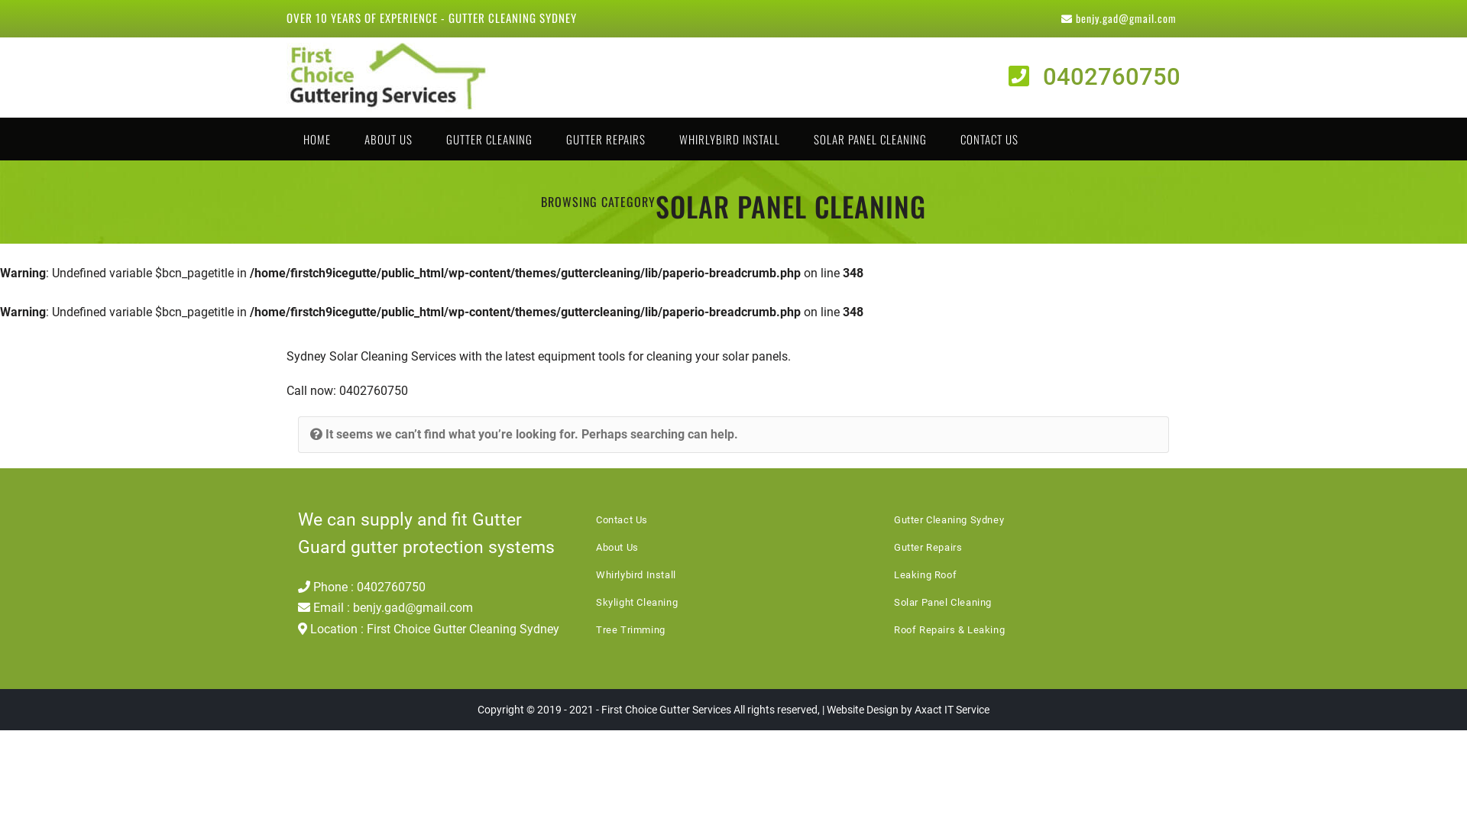  I want to click on 'benjy.gad@gmail.com', so click(1119, 18).